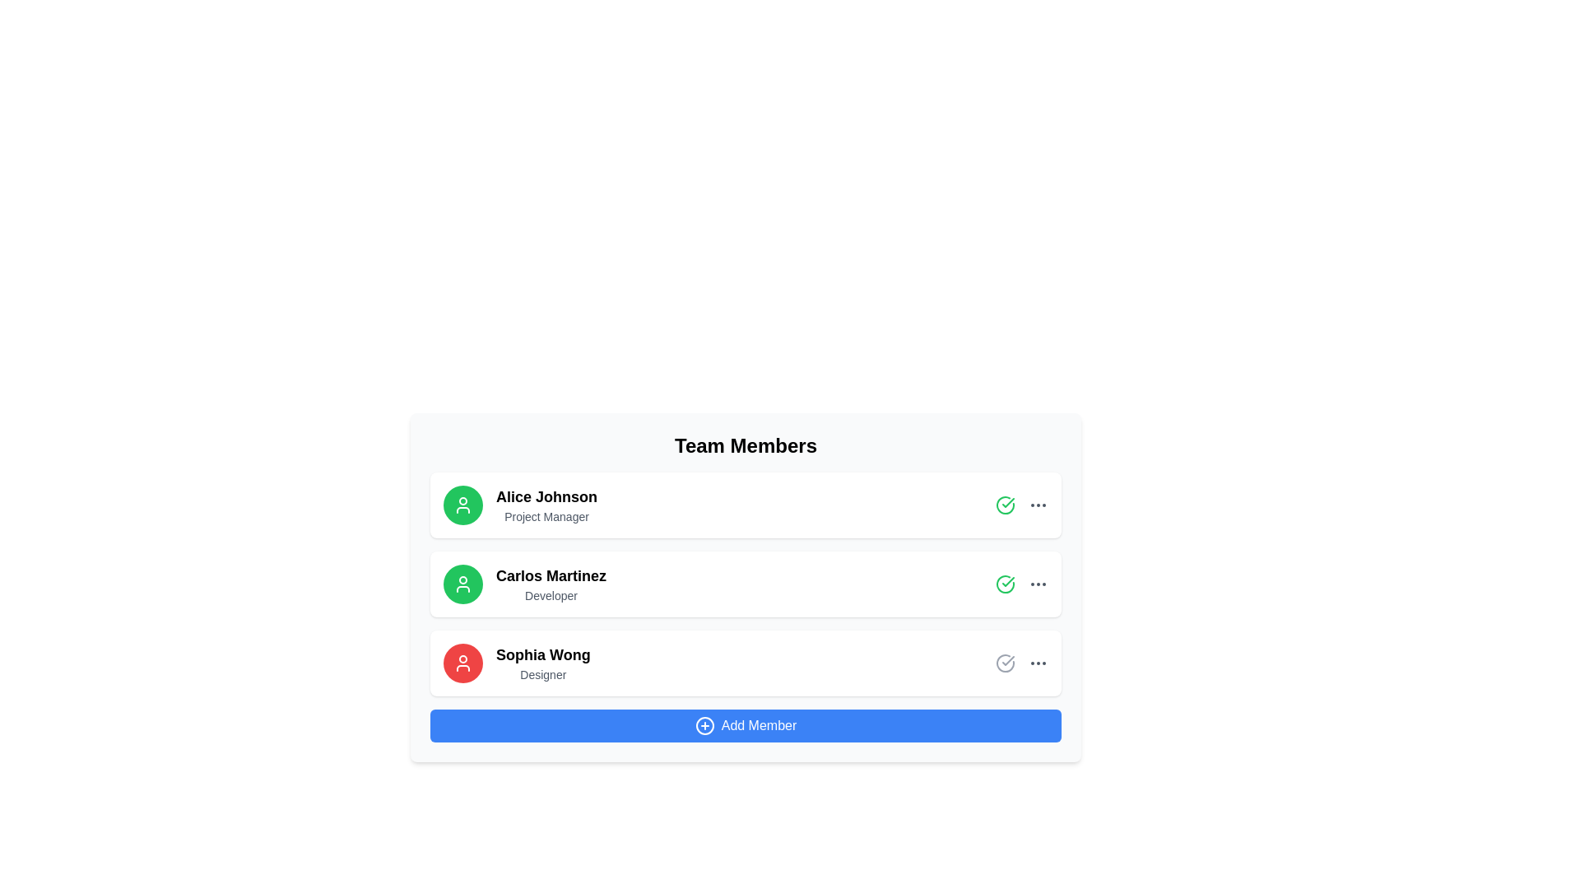  What do you see at coordinates (543, 663) in the screenshot?
I see `text content of the user profile label 'Sophia Wong' which is the third element in the 'Team Members' section, positioned between 'Carlos Martinez' and the action button` at bounding box center [543, 663].